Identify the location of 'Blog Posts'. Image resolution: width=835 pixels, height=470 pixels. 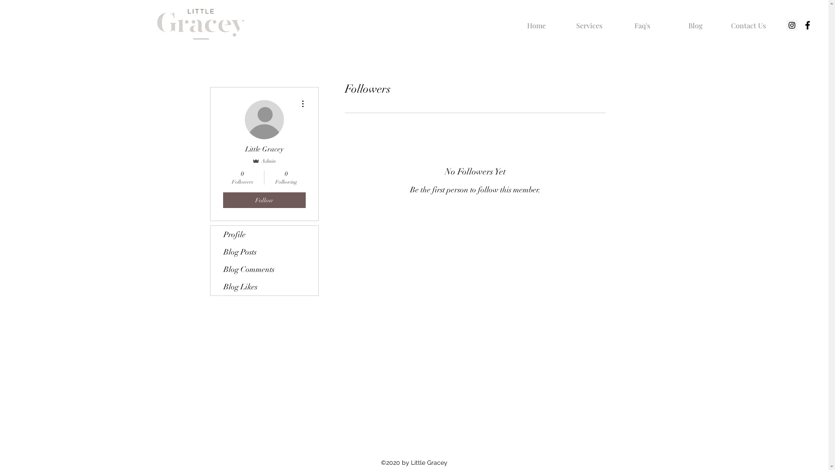
(264, 252).